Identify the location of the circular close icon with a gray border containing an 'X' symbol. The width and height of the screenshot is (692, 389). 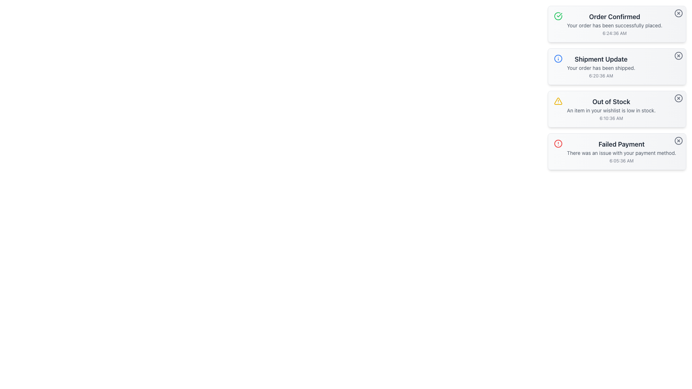
(678, 55).